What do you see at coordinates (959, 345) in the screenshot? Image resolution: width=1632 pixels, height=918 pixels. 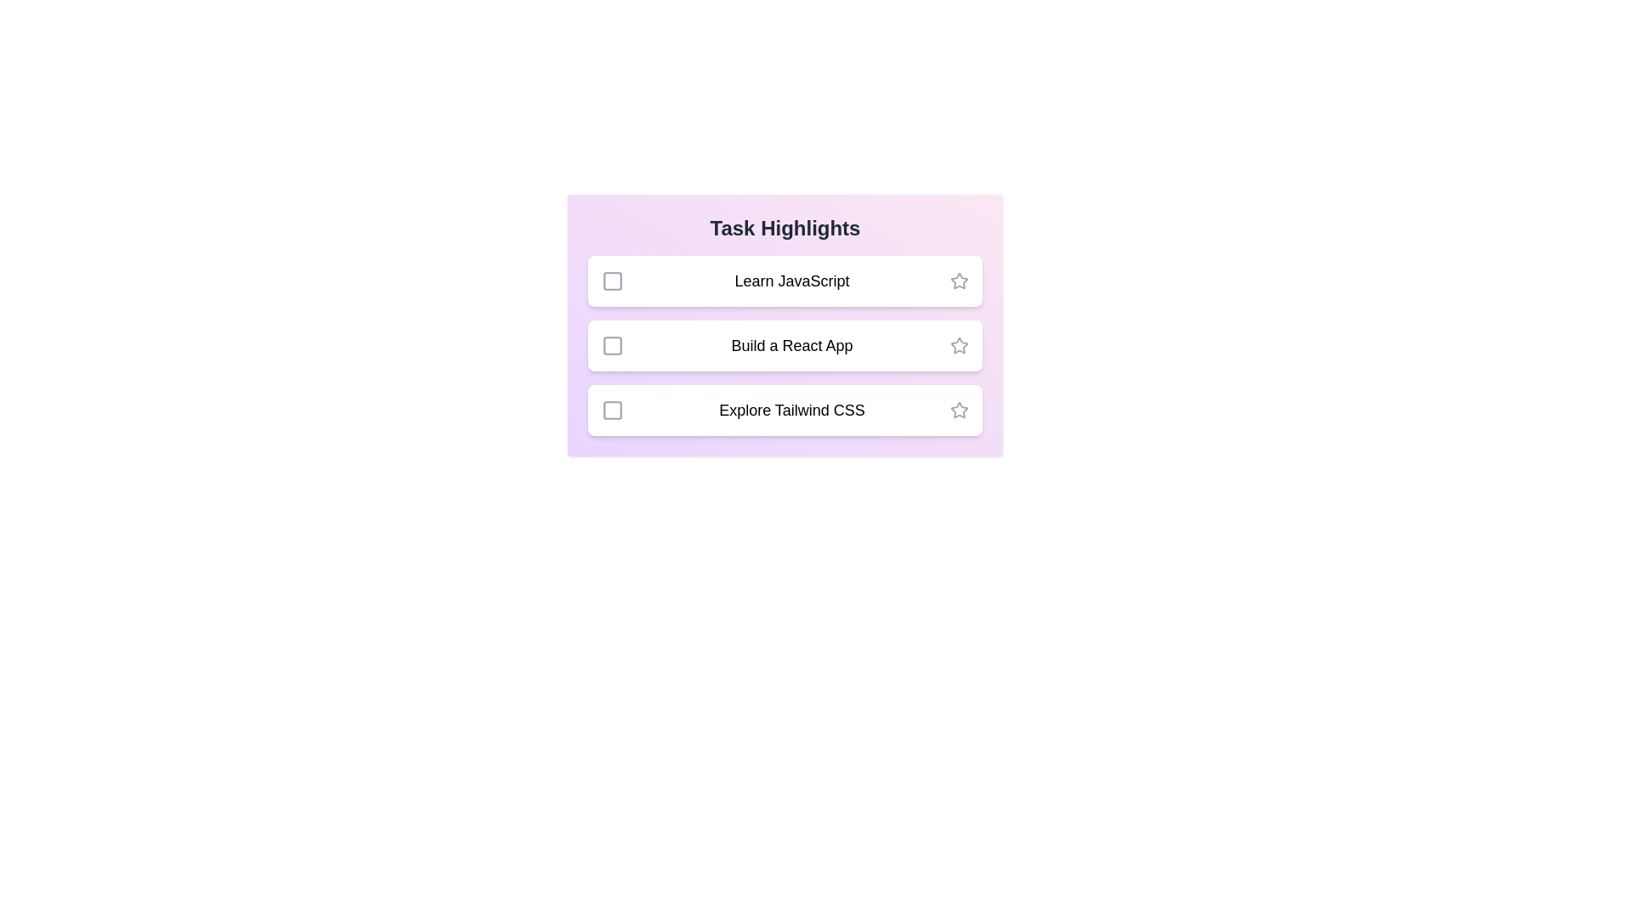 I see `the star icon of the task 'Build a React App' to mark it as important` at bounding box center [959, 345].